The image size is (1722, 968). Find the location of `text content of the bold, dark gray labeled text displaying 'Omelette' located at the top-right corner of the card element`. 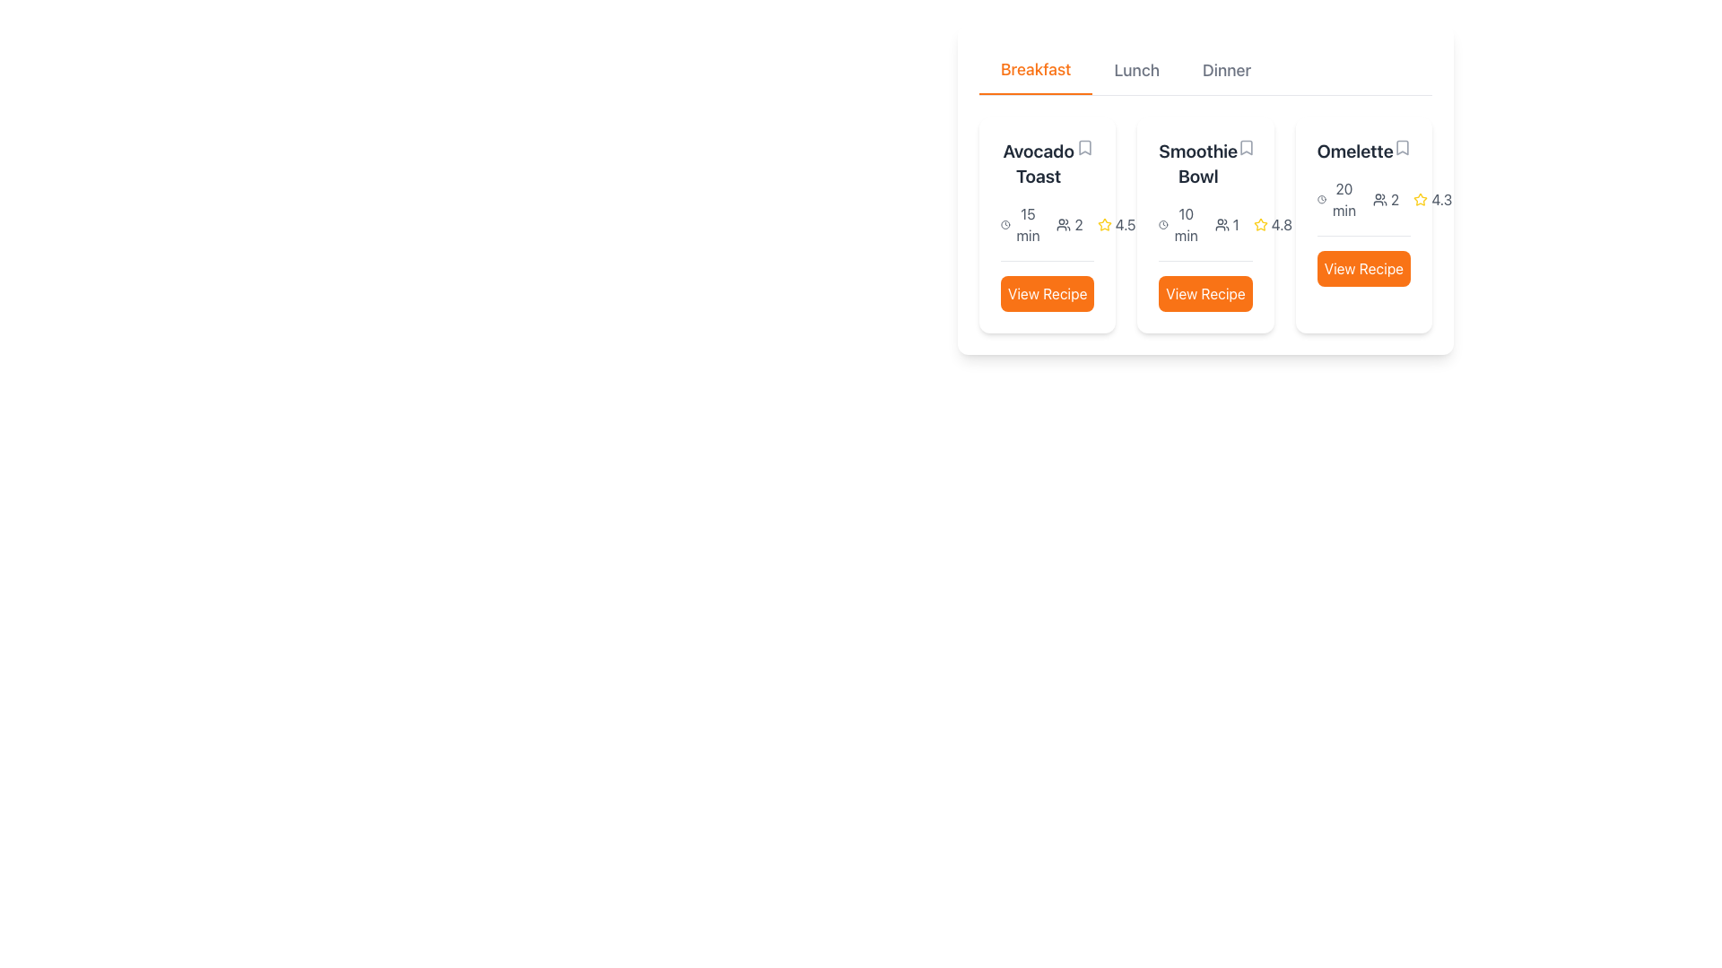

text content of the bold, dark gray labeled text displaying 'Omelette' located at the top-right corner of the card element is located at coordinates (1355, 151).